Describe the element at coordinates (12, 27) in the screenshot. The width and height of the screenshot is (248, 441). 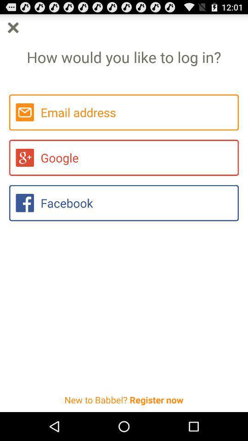
I see `screen` at that location.